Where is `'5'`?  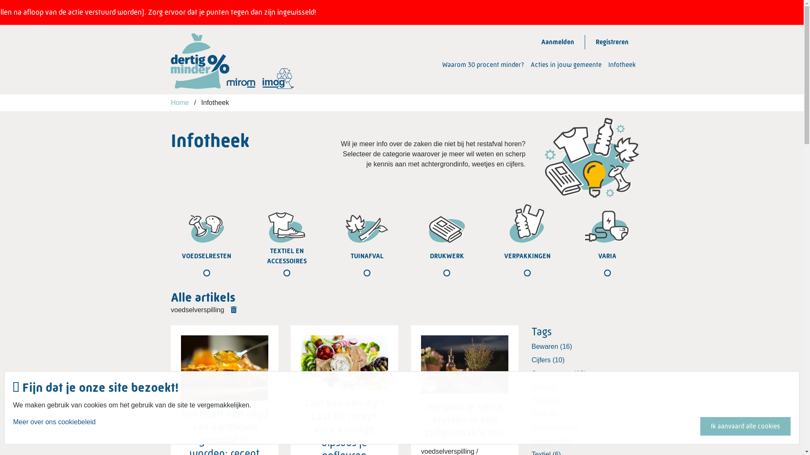
'5' is located at coordinates (488, 265).